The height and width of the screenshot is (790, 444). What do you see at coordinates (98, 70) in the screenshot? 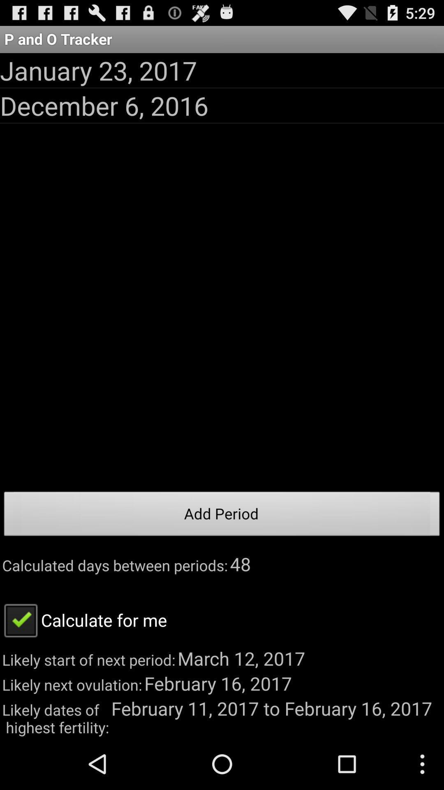
I see `app below the p and o app` at bounding box center [98, 70].